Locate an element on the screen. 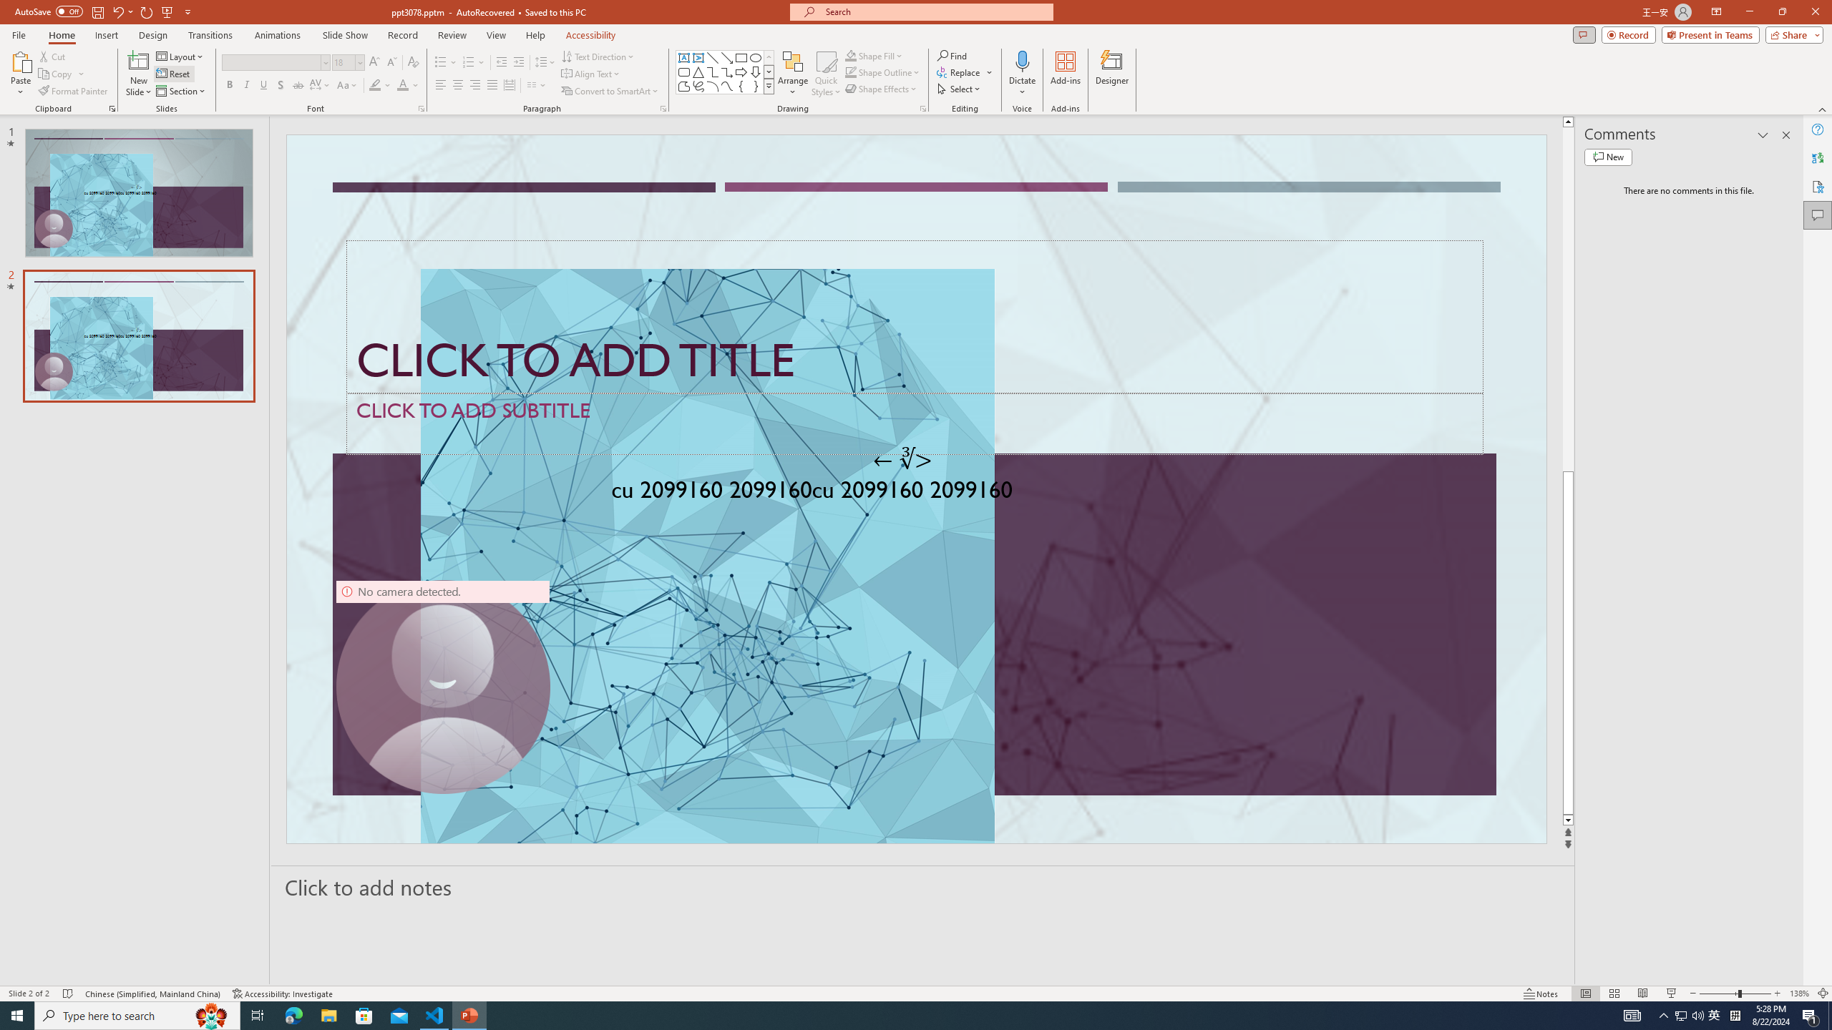  'Zoom 138%' is located at coordinates (1800, 994).